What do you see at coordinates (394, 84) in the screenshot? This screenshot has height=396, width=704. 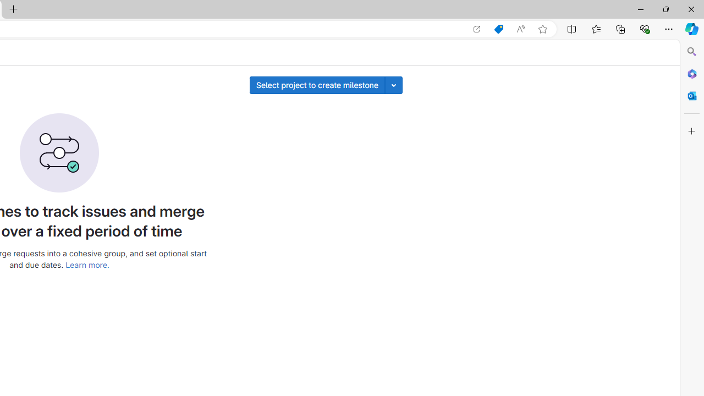 I see `'Toggle project select'` at bounding box center [394, 84].